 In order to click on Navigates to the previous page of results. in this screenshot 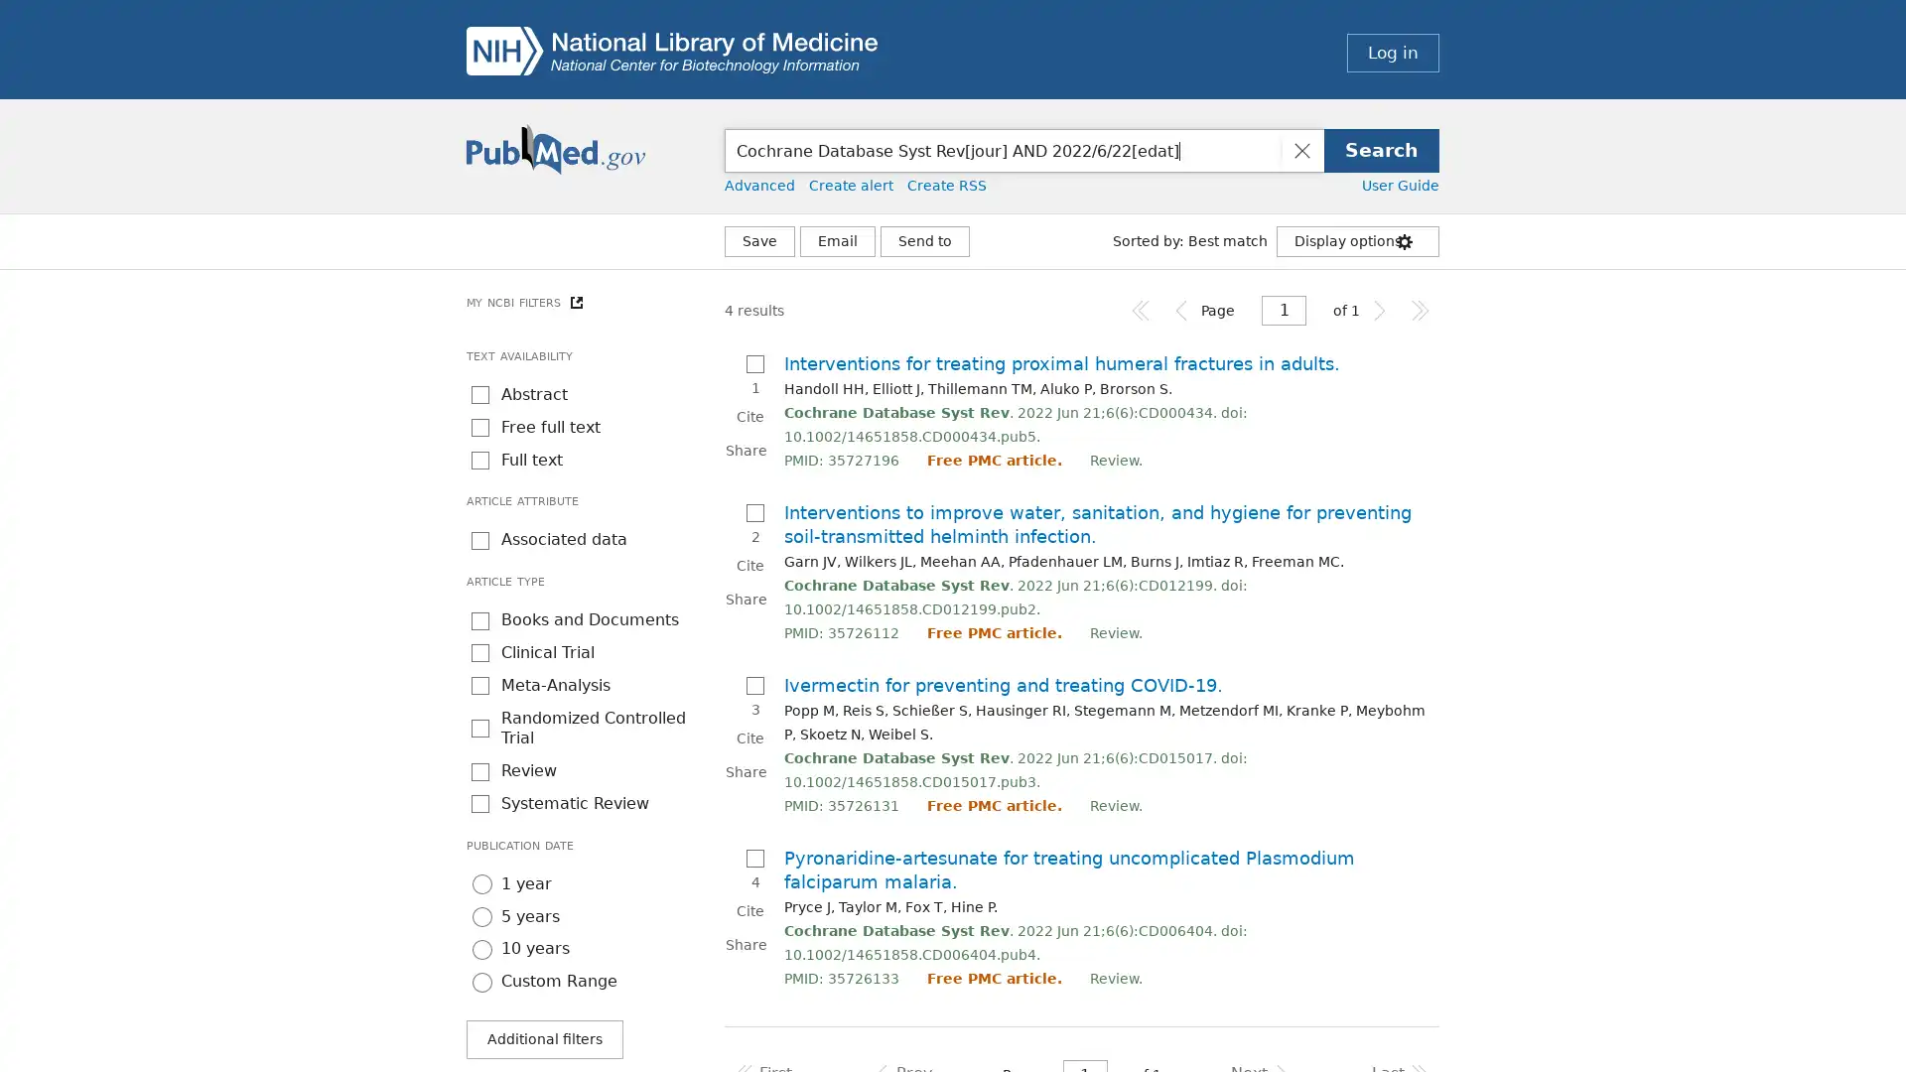, I will do `click(1181, 310)`.